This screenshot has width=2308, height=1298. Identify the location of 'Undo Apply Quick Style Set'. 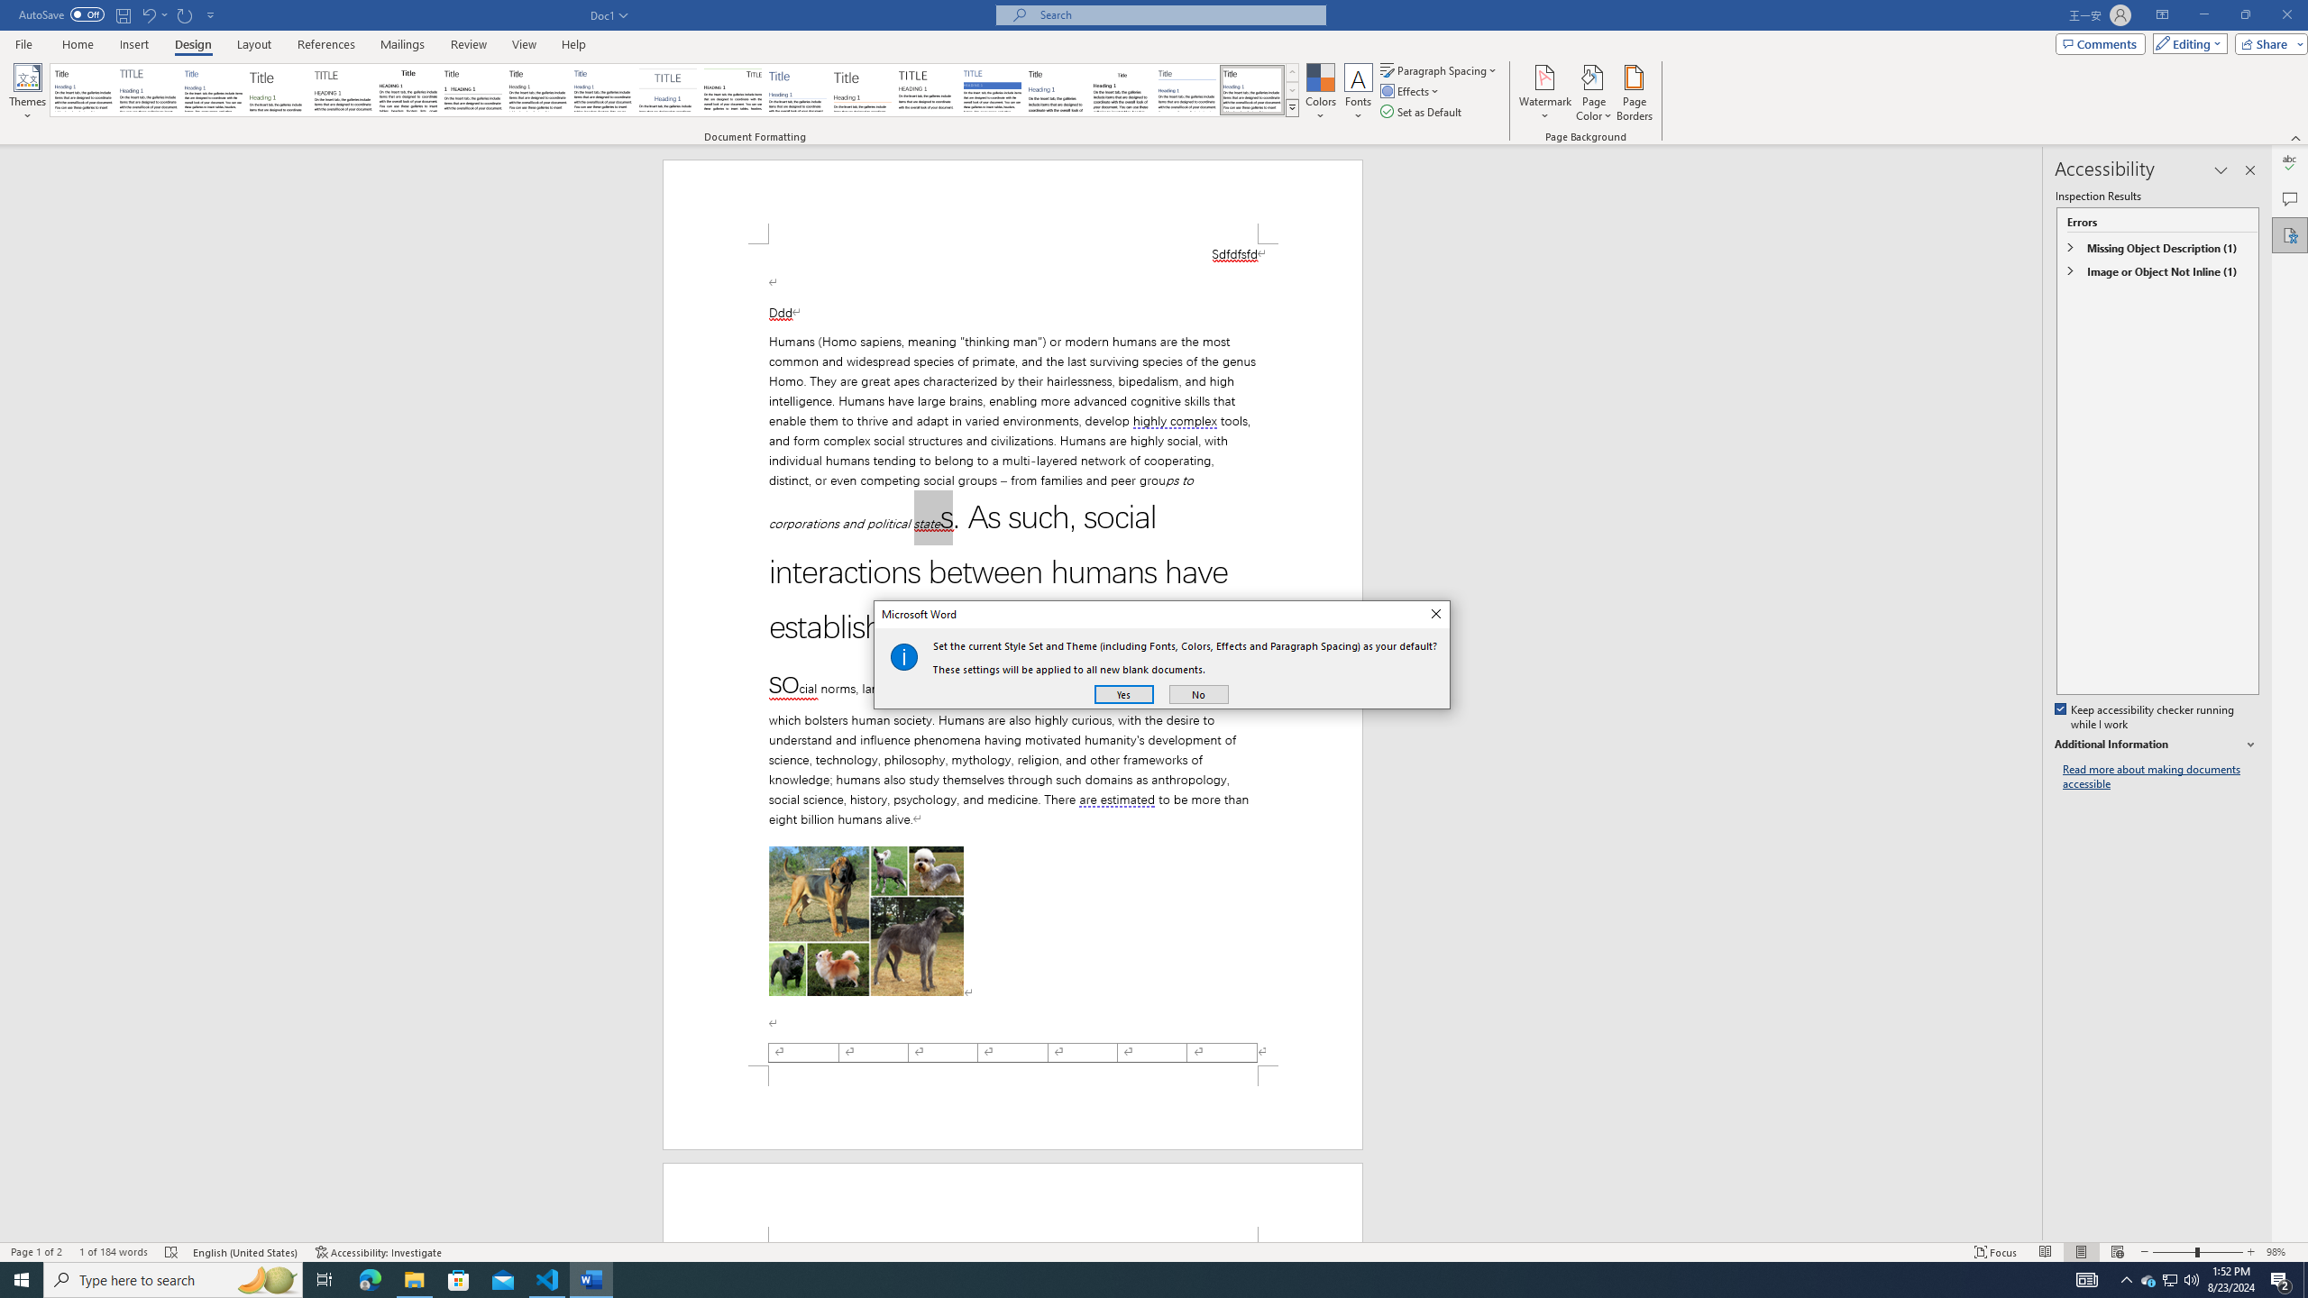
(147, 14).